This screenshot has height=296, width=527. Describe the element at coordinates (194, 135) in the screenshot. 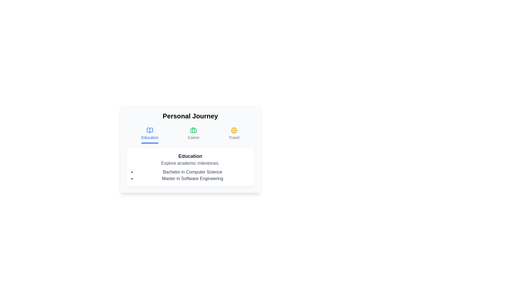

I see `the 'Career' tab, which is the second tab in a row of three, featuring a briefcase icon above the text styled in gray, to trigger visual feedback` at that location.